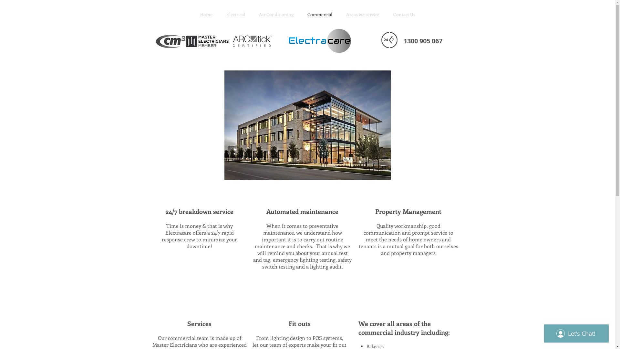 The height and width of the screenshot is (349, 620). I want to click on 'Contact Us', so click(386, 15).